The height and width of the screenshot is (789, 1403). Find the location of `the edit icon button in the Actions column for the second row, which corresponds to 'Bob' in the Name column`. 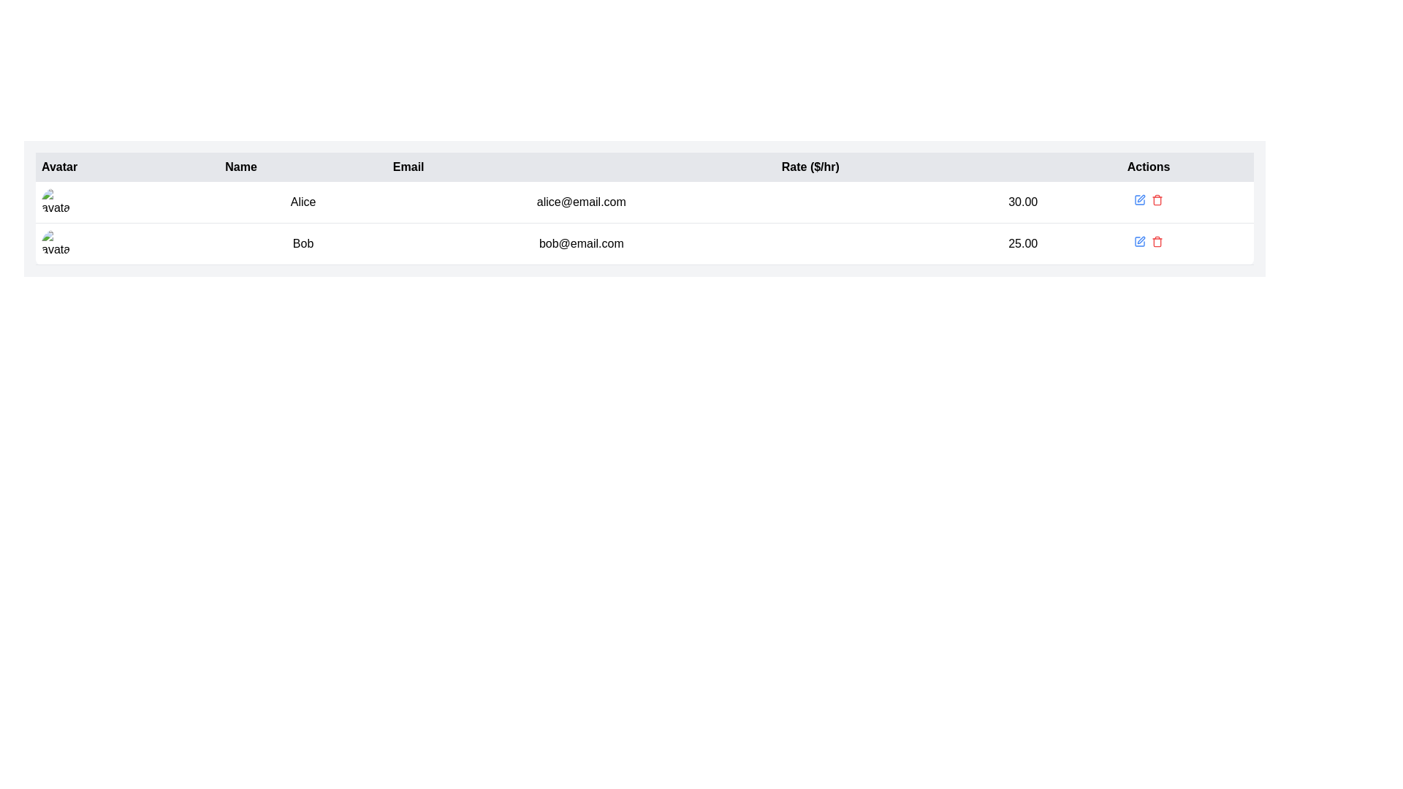

the edit icon button in the Actions column for the second row, which corresponds to 'Bob' in the Name column is located at coordinates (1141, 199).